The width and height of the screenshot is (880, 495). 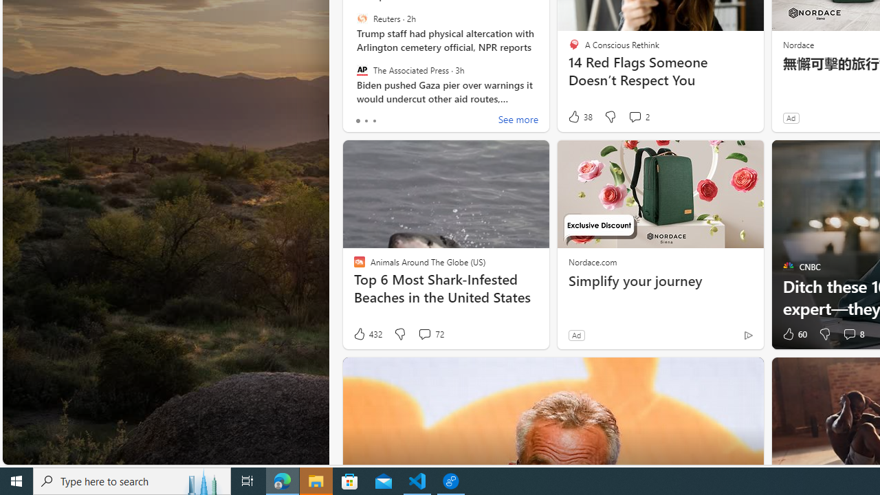 I want to click on 'Simplify your journey', so click(x=660, y=280).